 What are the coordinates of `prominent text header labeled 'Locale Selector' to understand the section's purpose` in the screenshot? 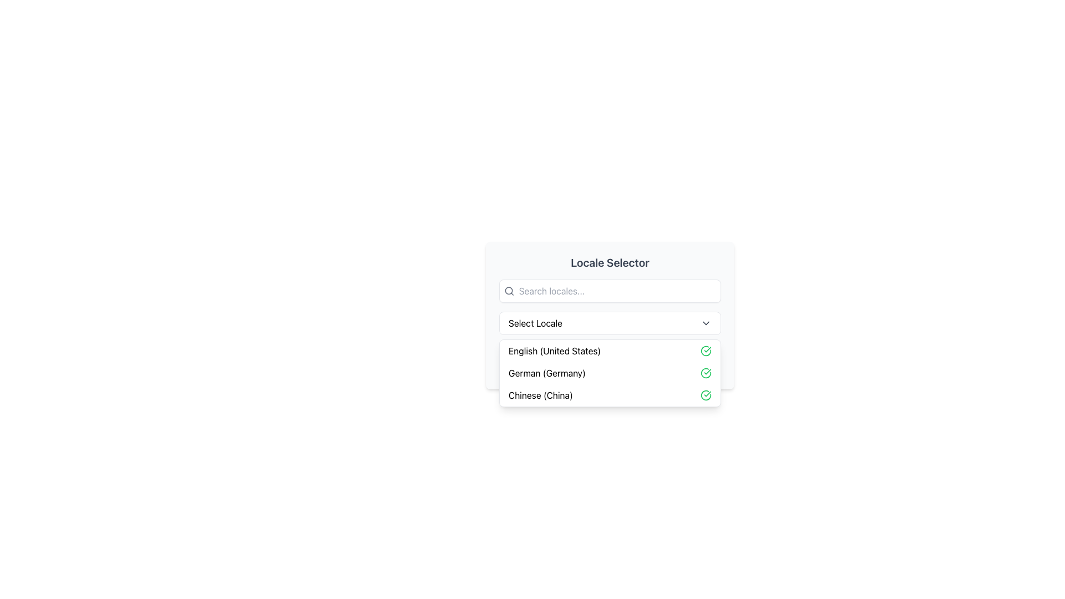 It's located at (609, 263).